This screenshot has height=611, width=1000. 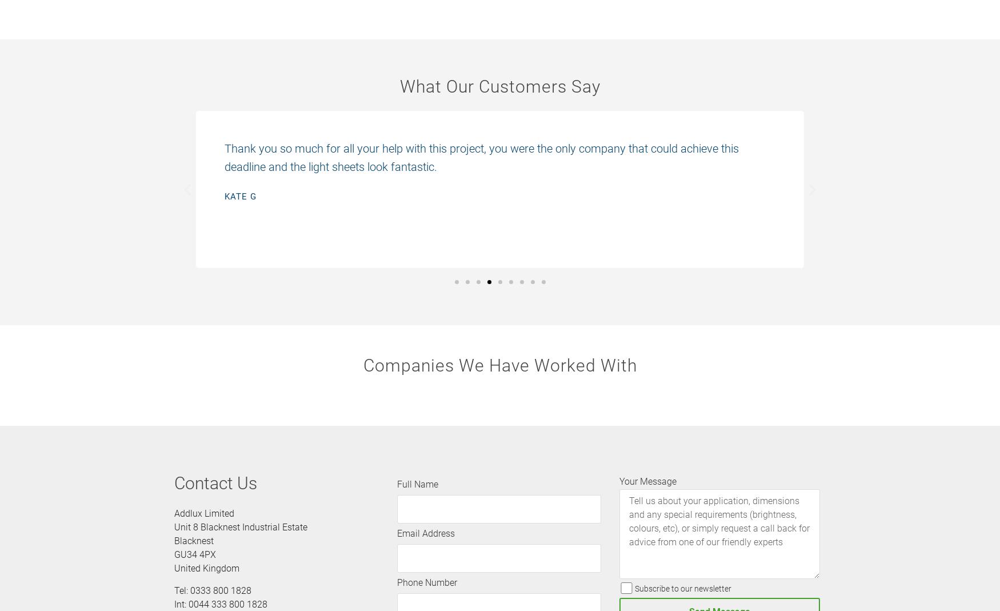 What do you see at coordinates (646, 481) in the screenshot?
I see `'Your Message'` at bounding box center [646, 481].